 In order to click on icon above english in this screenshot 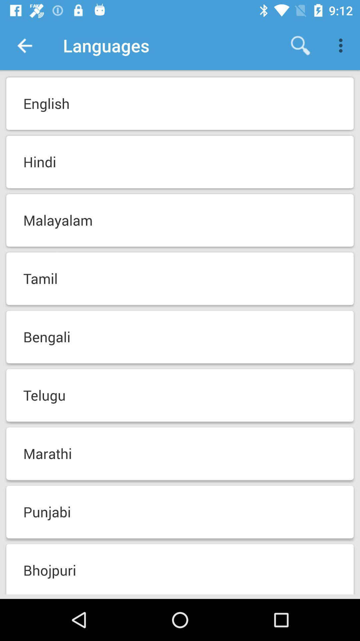, I will do `click(24, 45)`.